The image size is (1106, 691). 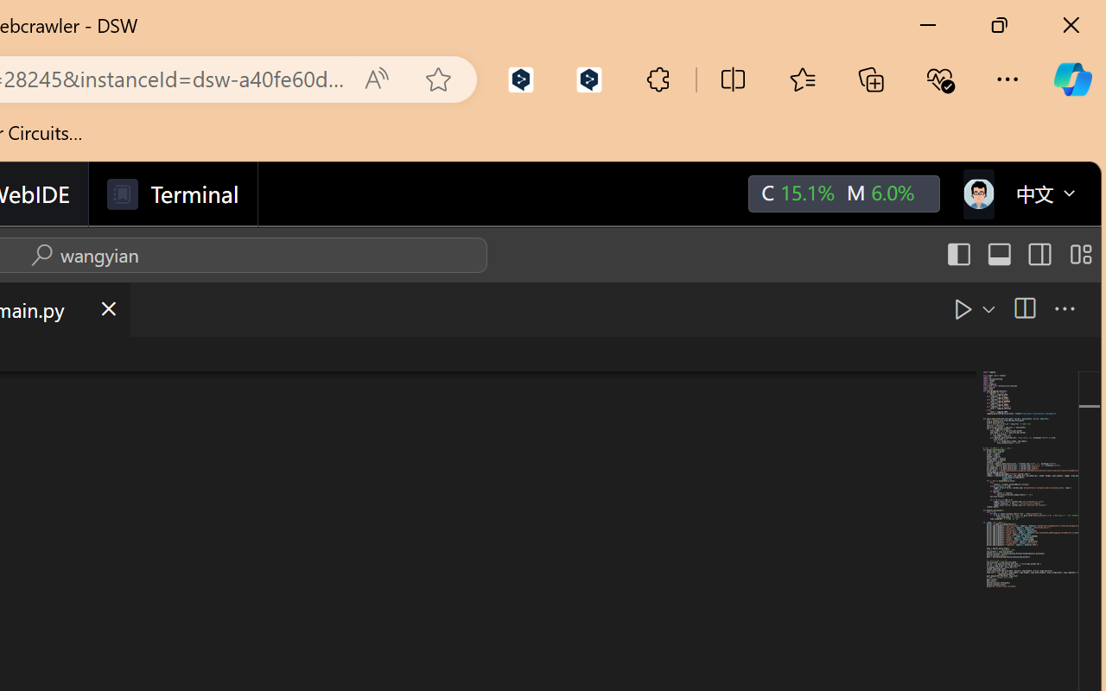 I want to click on 'Close (Ctrl+F4)', so click(x=106, y=309).